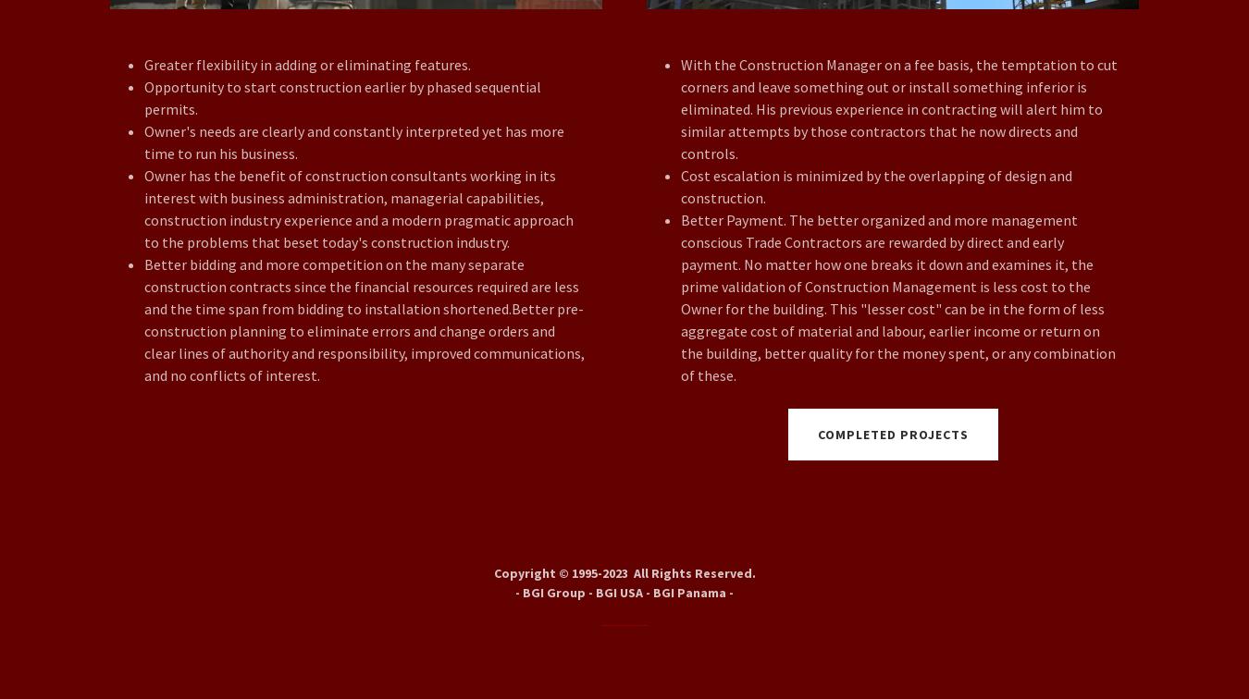 Image resolution: width=1249 pixels, height=699 pixels. What do you see at coordinates (891, 435) in the screenshot?
I see `'Completed Projects'` at bounding box center [891, 435].